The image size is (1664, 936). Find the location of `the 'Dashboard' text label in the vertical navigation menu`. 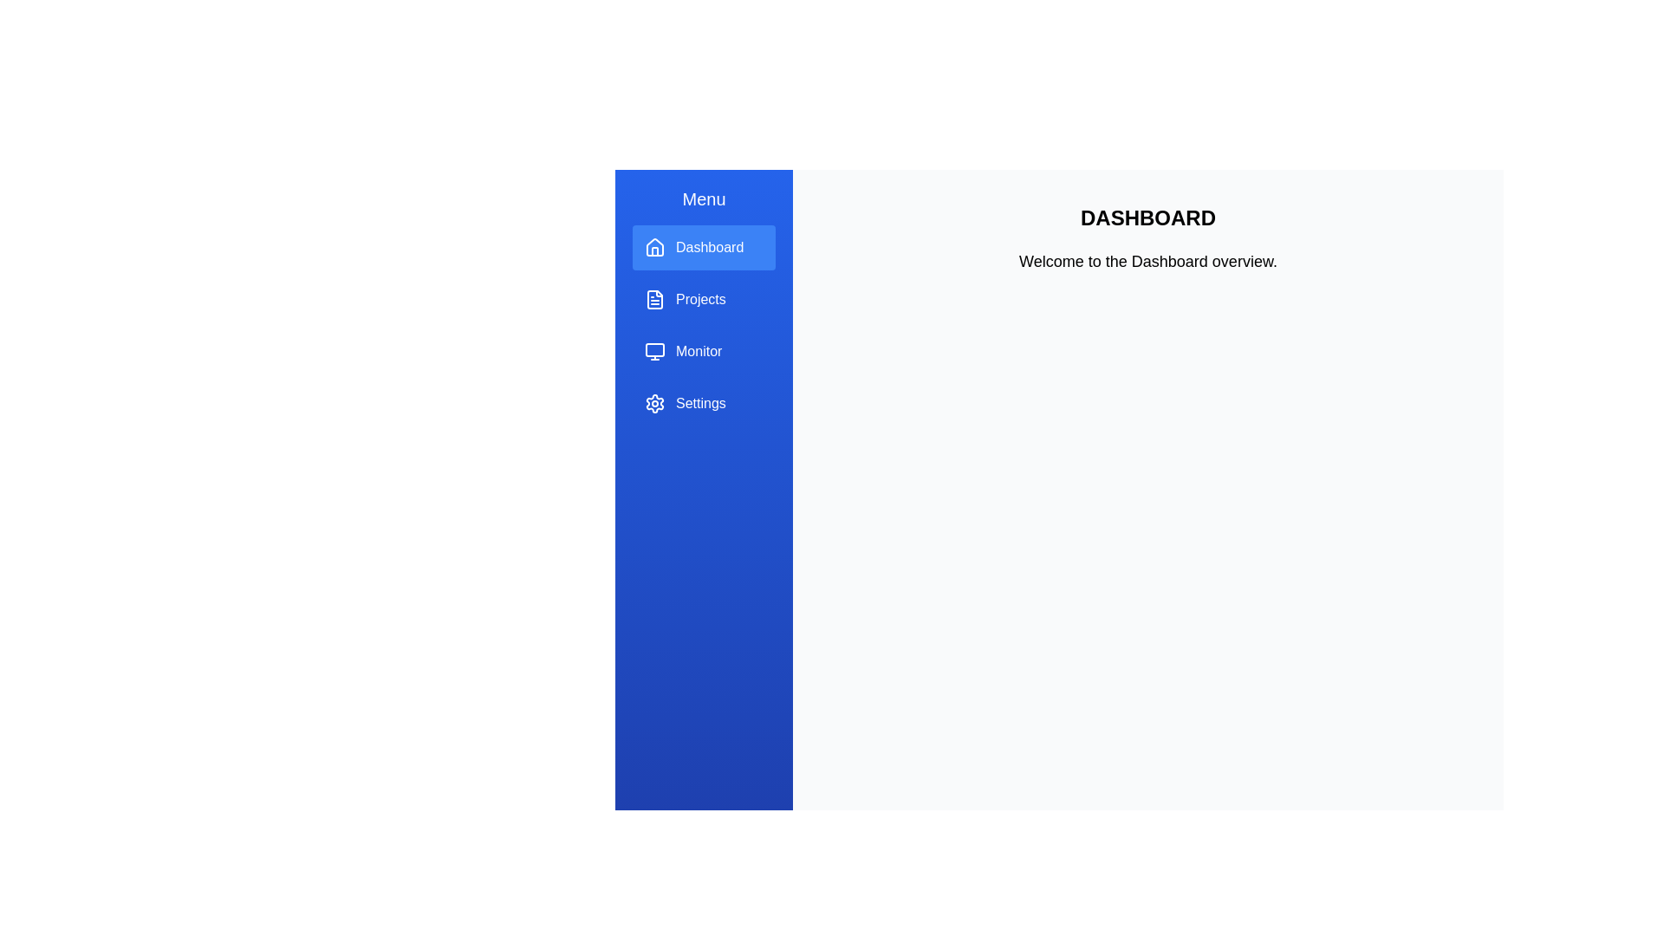

the 'Dashboard' text label in the vertical navigation menu is located at coordinates (710, 247).